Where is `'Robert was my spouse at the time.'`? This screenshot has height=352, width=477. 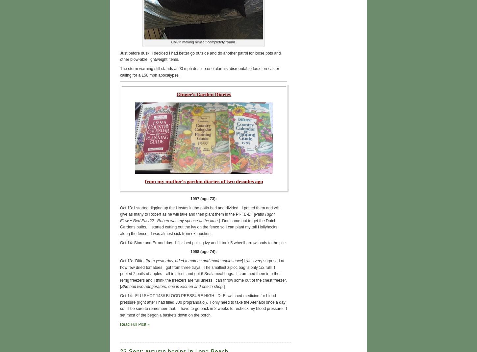 'Robert was my spouse at the time.' is located at coordinates (154, 220).